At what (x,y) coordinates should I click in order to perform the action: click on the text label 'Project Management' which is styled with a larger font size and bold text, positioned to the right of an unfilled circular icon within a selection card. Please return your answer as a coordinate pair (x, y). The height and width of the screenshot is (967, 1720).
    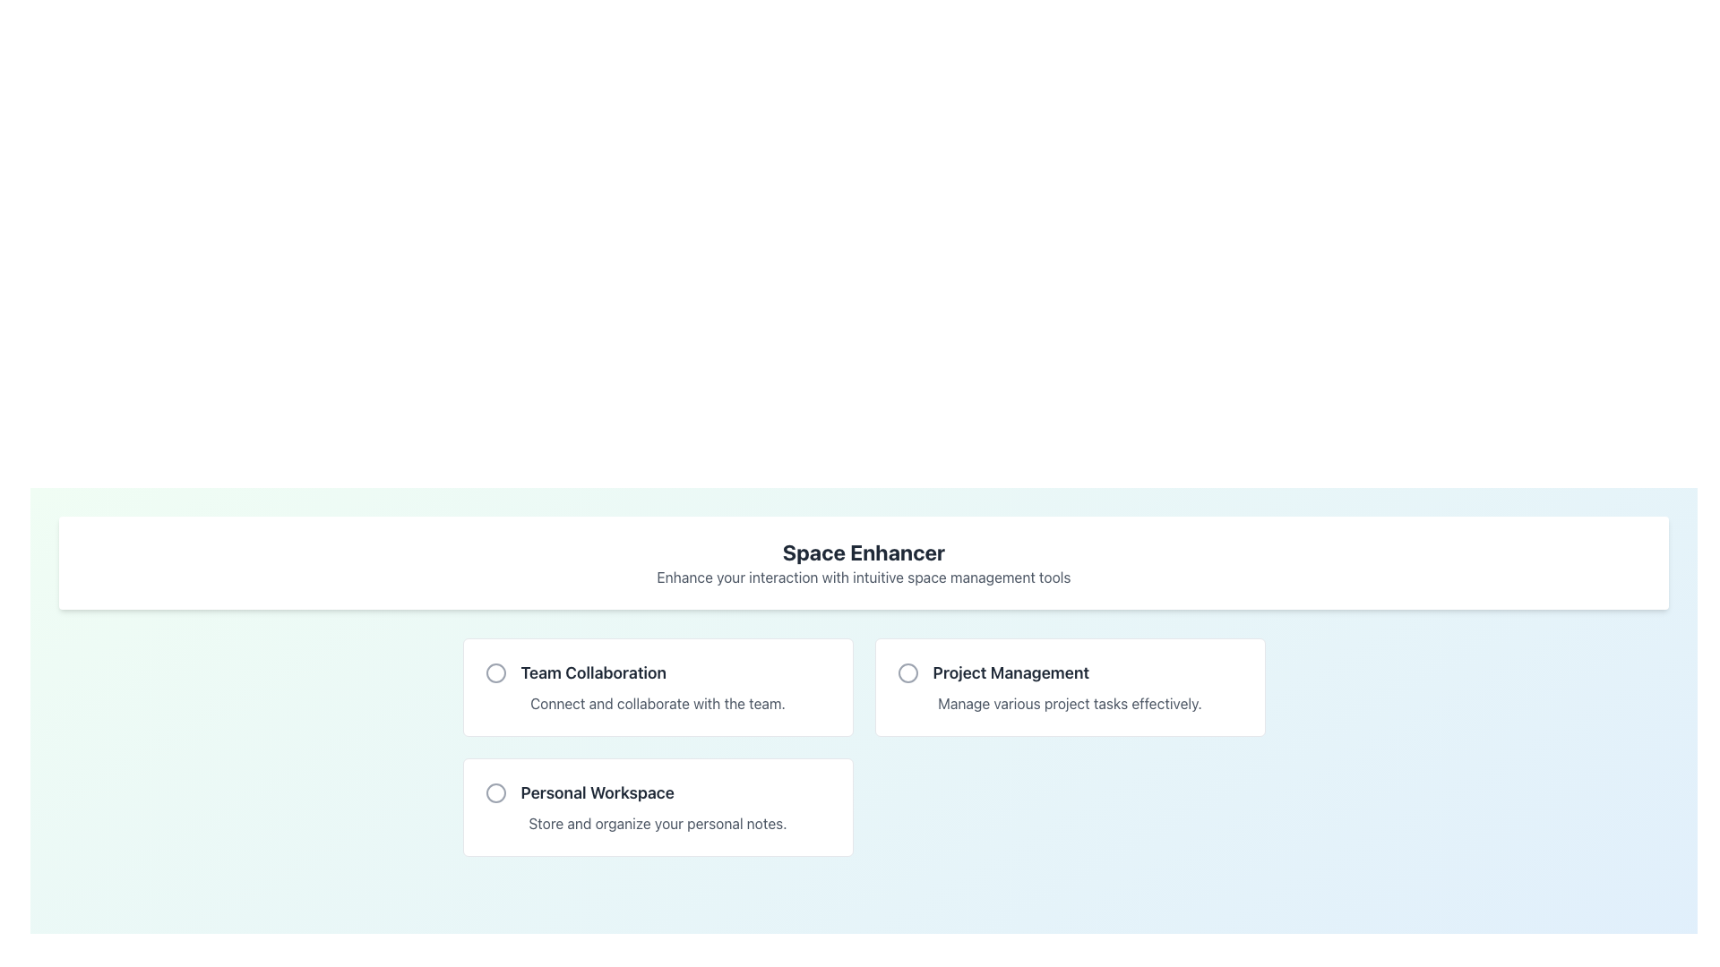
    Looking at the image, I should click on (1070, 673).